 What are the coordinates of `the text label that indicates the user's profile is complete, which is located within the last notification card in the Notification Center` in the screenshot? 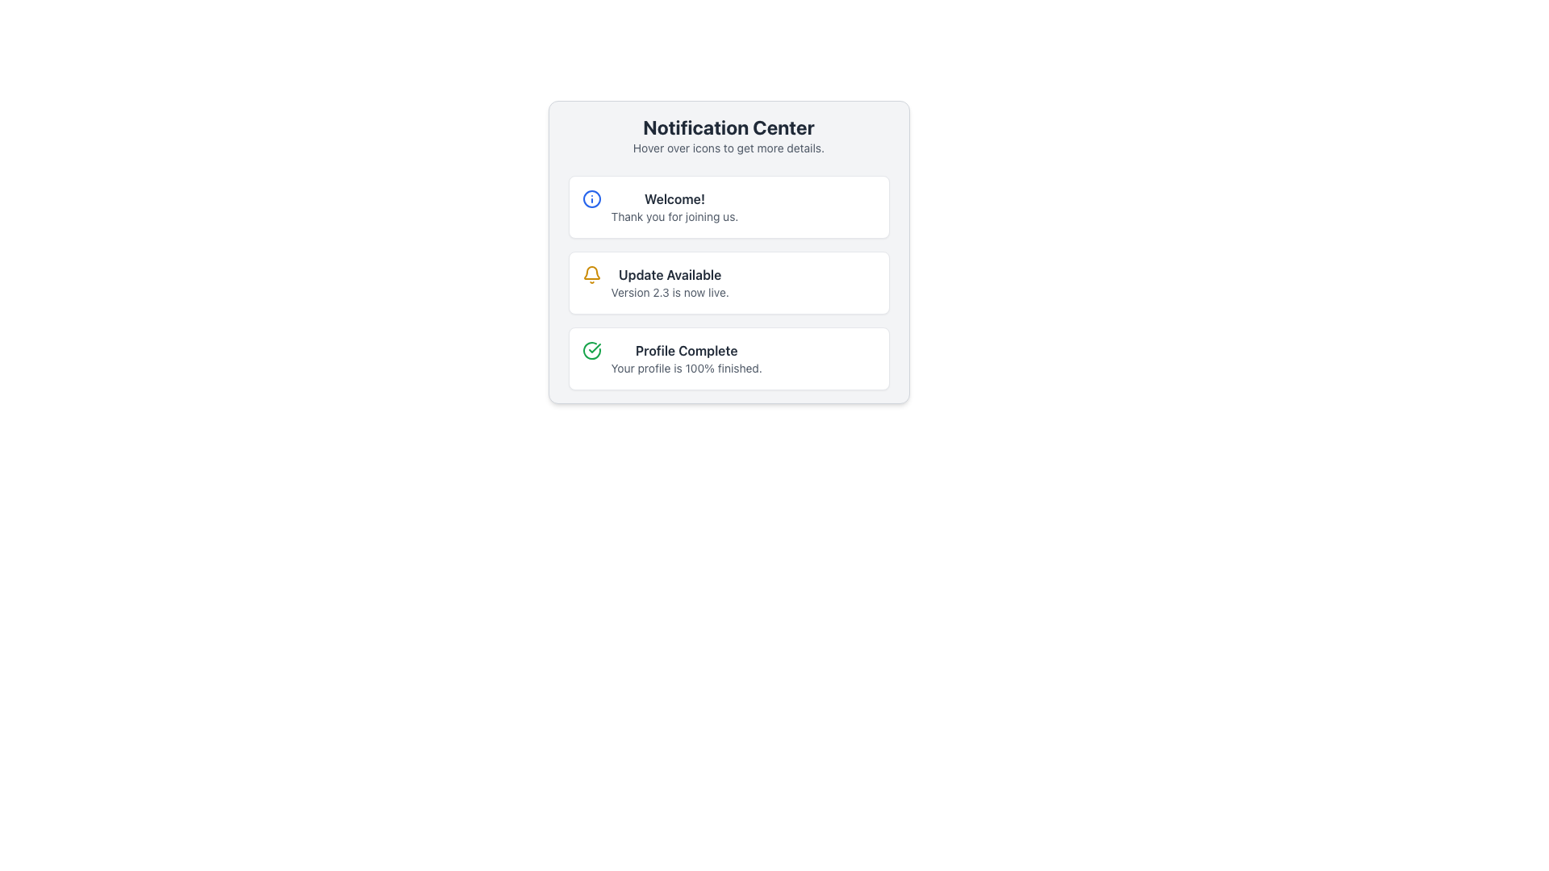 It's located at (687, 350).